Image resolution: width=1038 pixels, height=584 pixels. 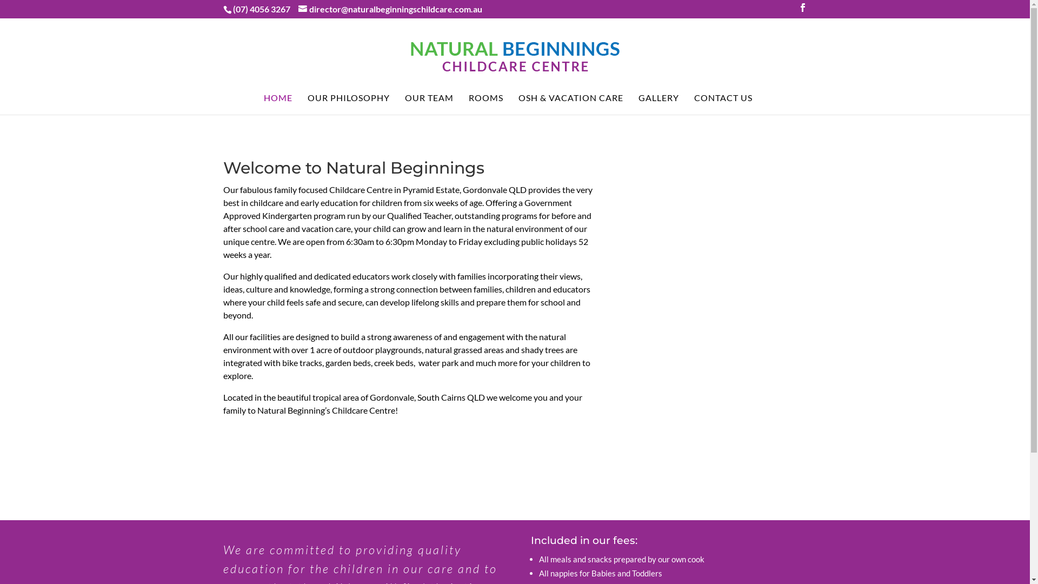 What do you see at coordinates (658, 104) in the screenshot?
I see `'GALLERY'` at bounding box center [658, 104].